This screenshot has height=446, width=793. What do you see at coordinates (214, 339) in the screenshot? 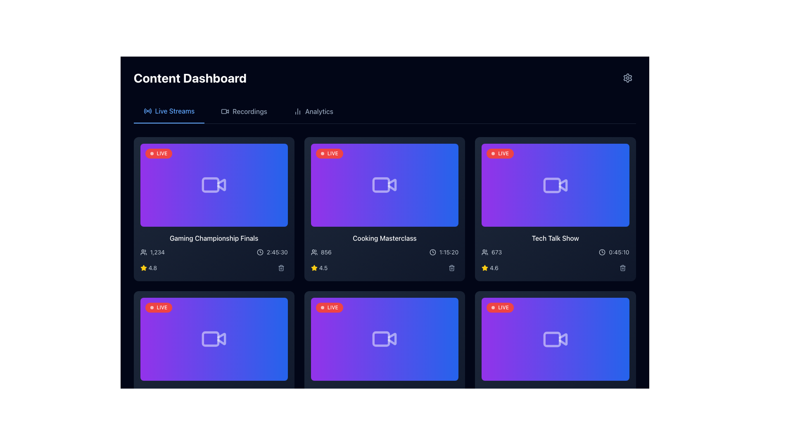
I see `the video content type icon located at the center of the video thumbnail card in the second row and first column of the live streams grid` at bounding box center [214, 339].